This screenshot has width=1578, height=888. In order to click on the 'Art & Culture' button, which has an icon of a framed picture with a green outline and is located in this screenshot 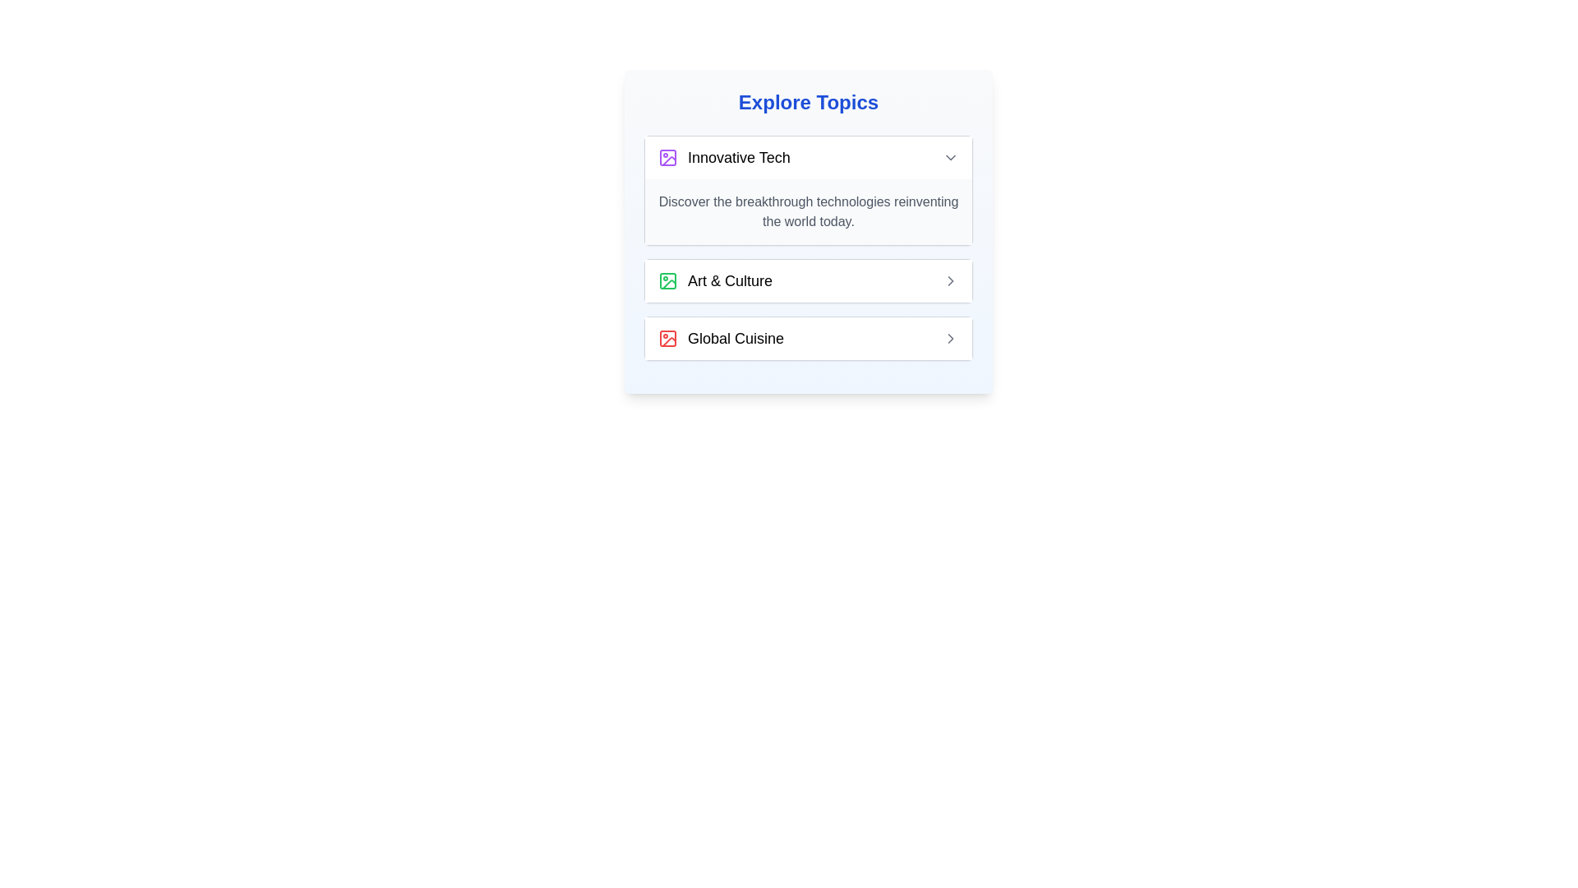, I will do `click(715, 280)`.